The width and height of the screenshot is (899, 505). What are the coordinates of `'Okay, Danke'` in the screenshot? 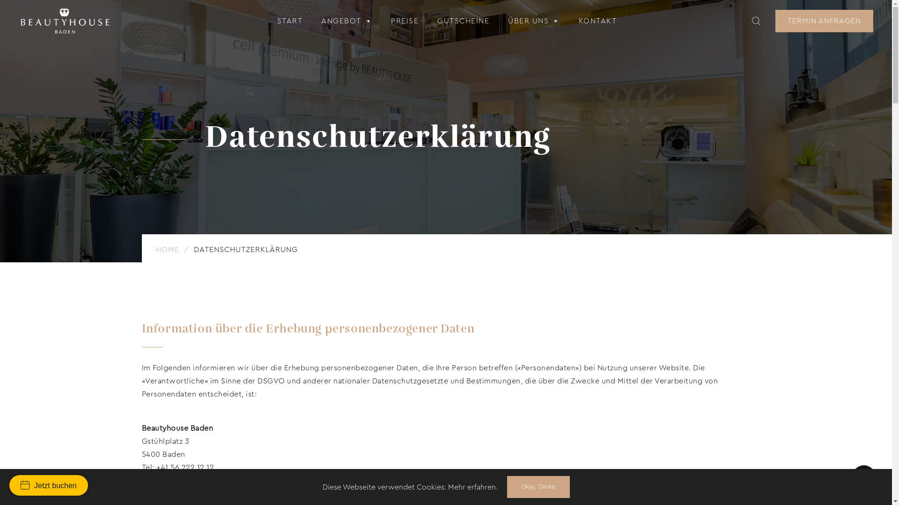 It's located at (538, 486).